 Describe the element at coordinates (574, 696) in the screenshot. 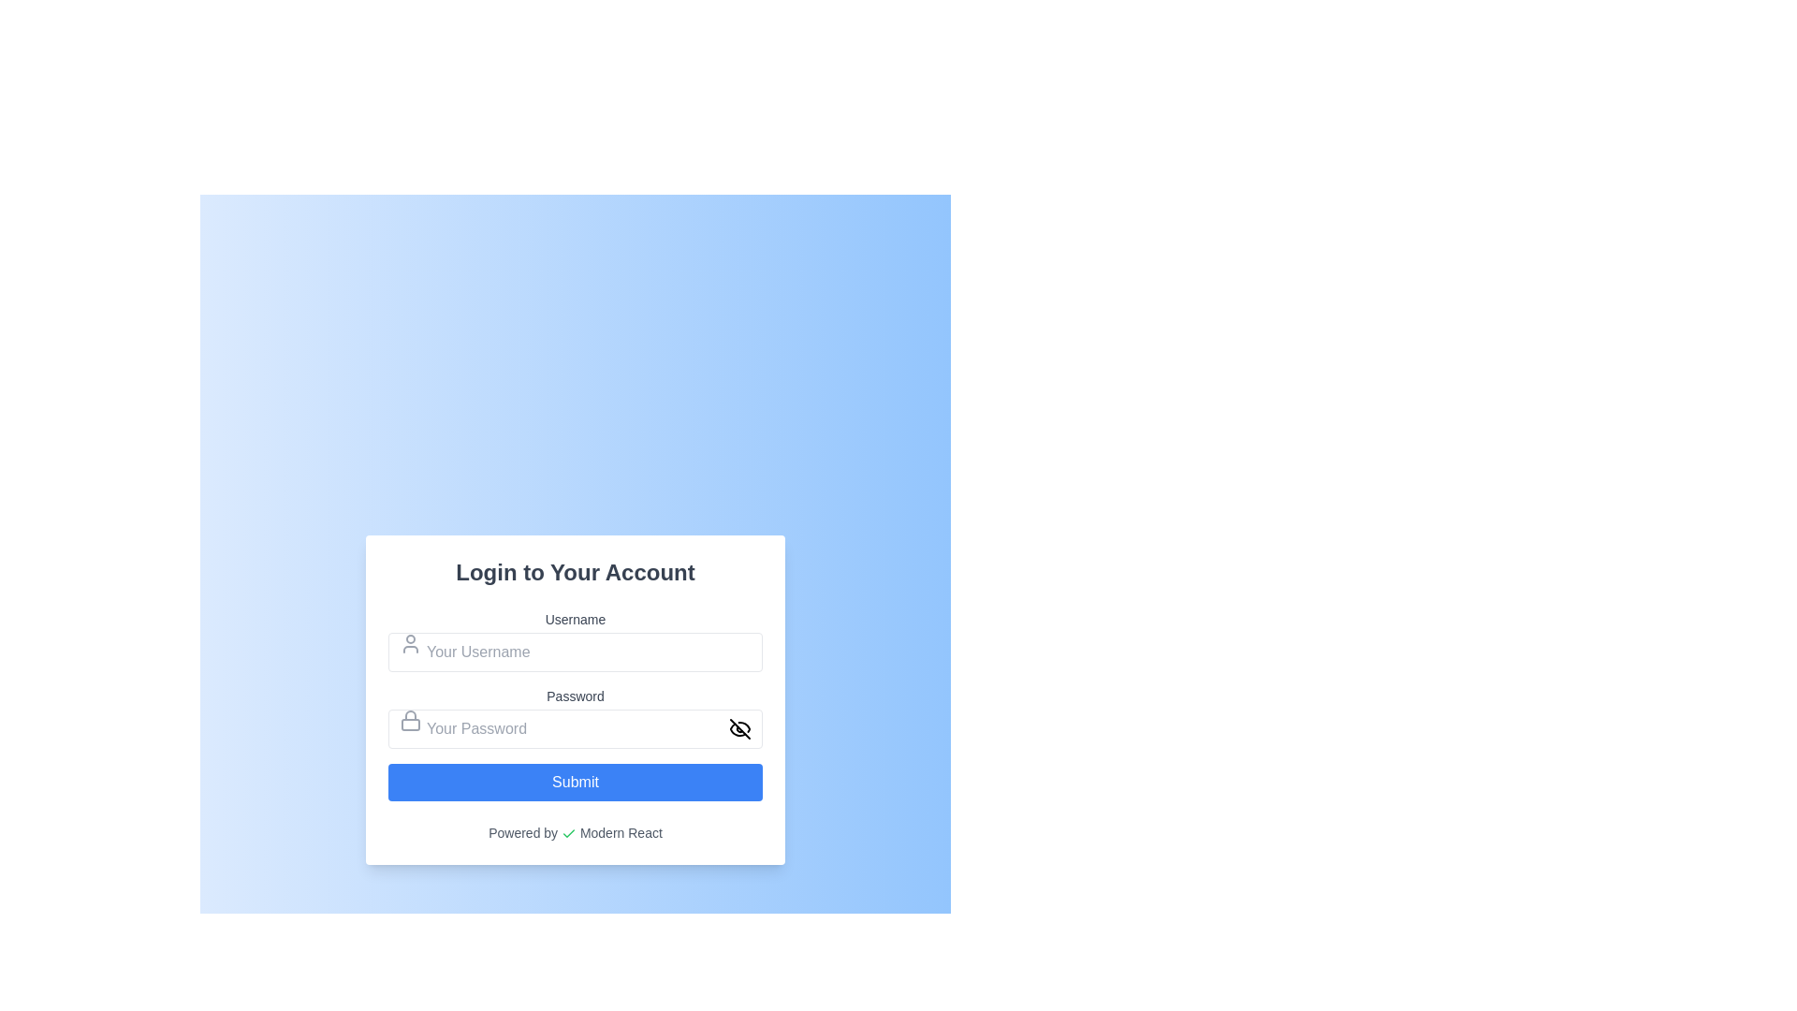

I see `the label that indicates the adjacent input field is for entering the user's password, which is located directly above the password input field in the login form` at that location.